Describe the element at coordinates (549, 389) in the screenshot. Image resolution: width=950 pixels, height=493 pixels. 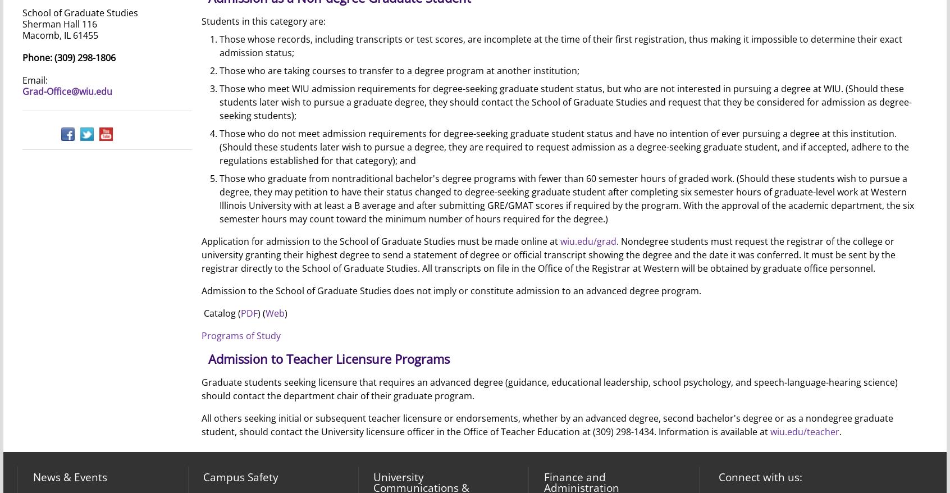
I see `'Graduate students seeking licensure that requires an advanced degree (guidance, educational leadership, school psychology, and speech-language-hearing science) should contact the department chair of their graduate program.'` at that location.